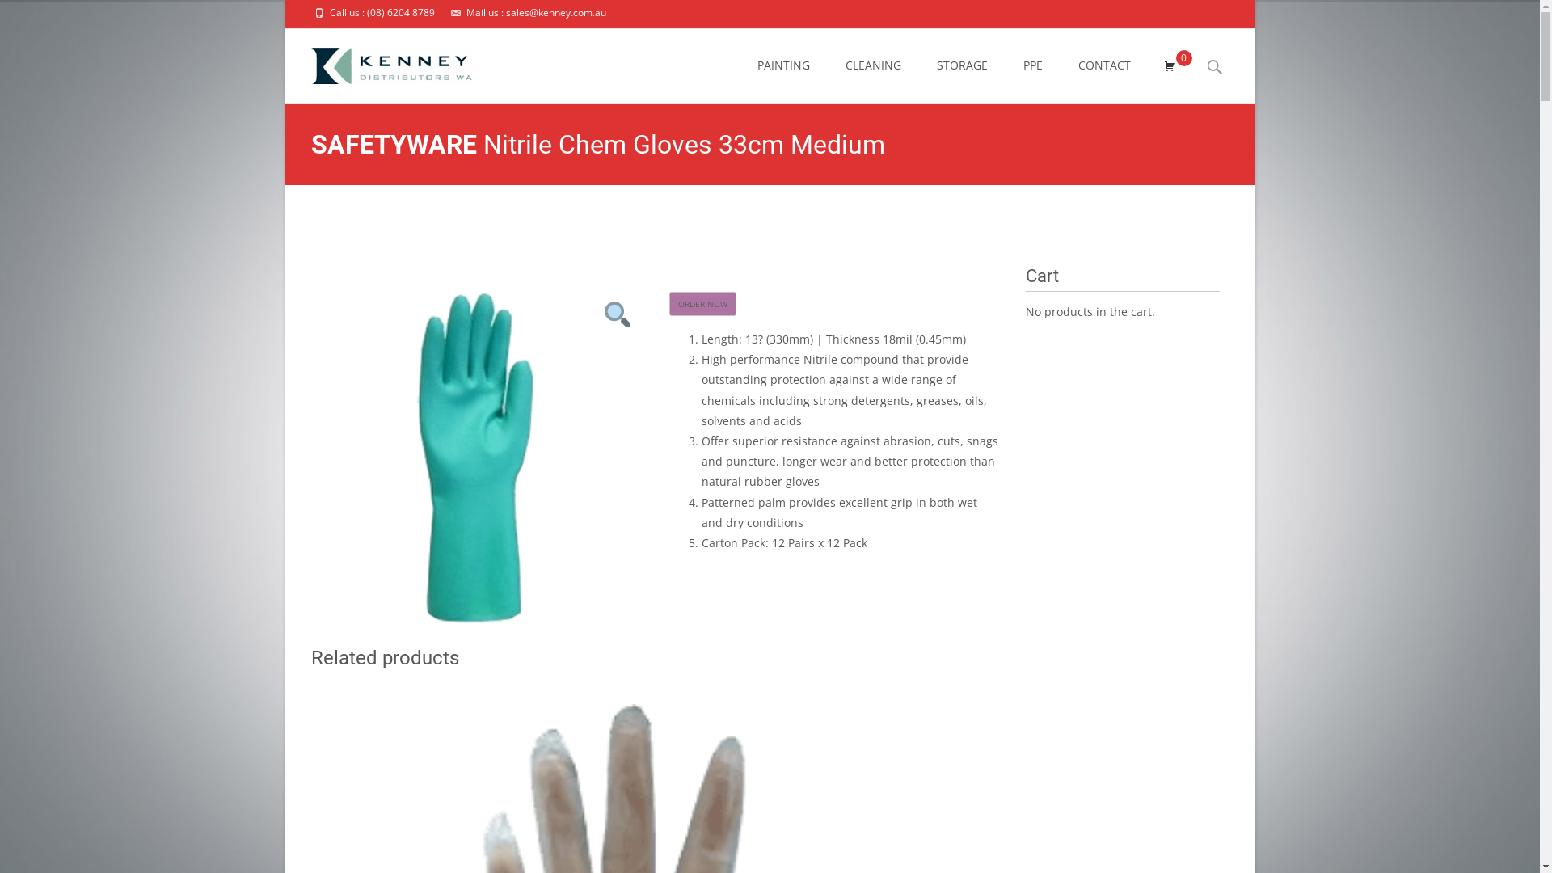 Image resolution: width=1552 pixels, height=873 pixels. Describe the element at coordinates (19, 16) in the screenshot. I see `'Search'` at that location.